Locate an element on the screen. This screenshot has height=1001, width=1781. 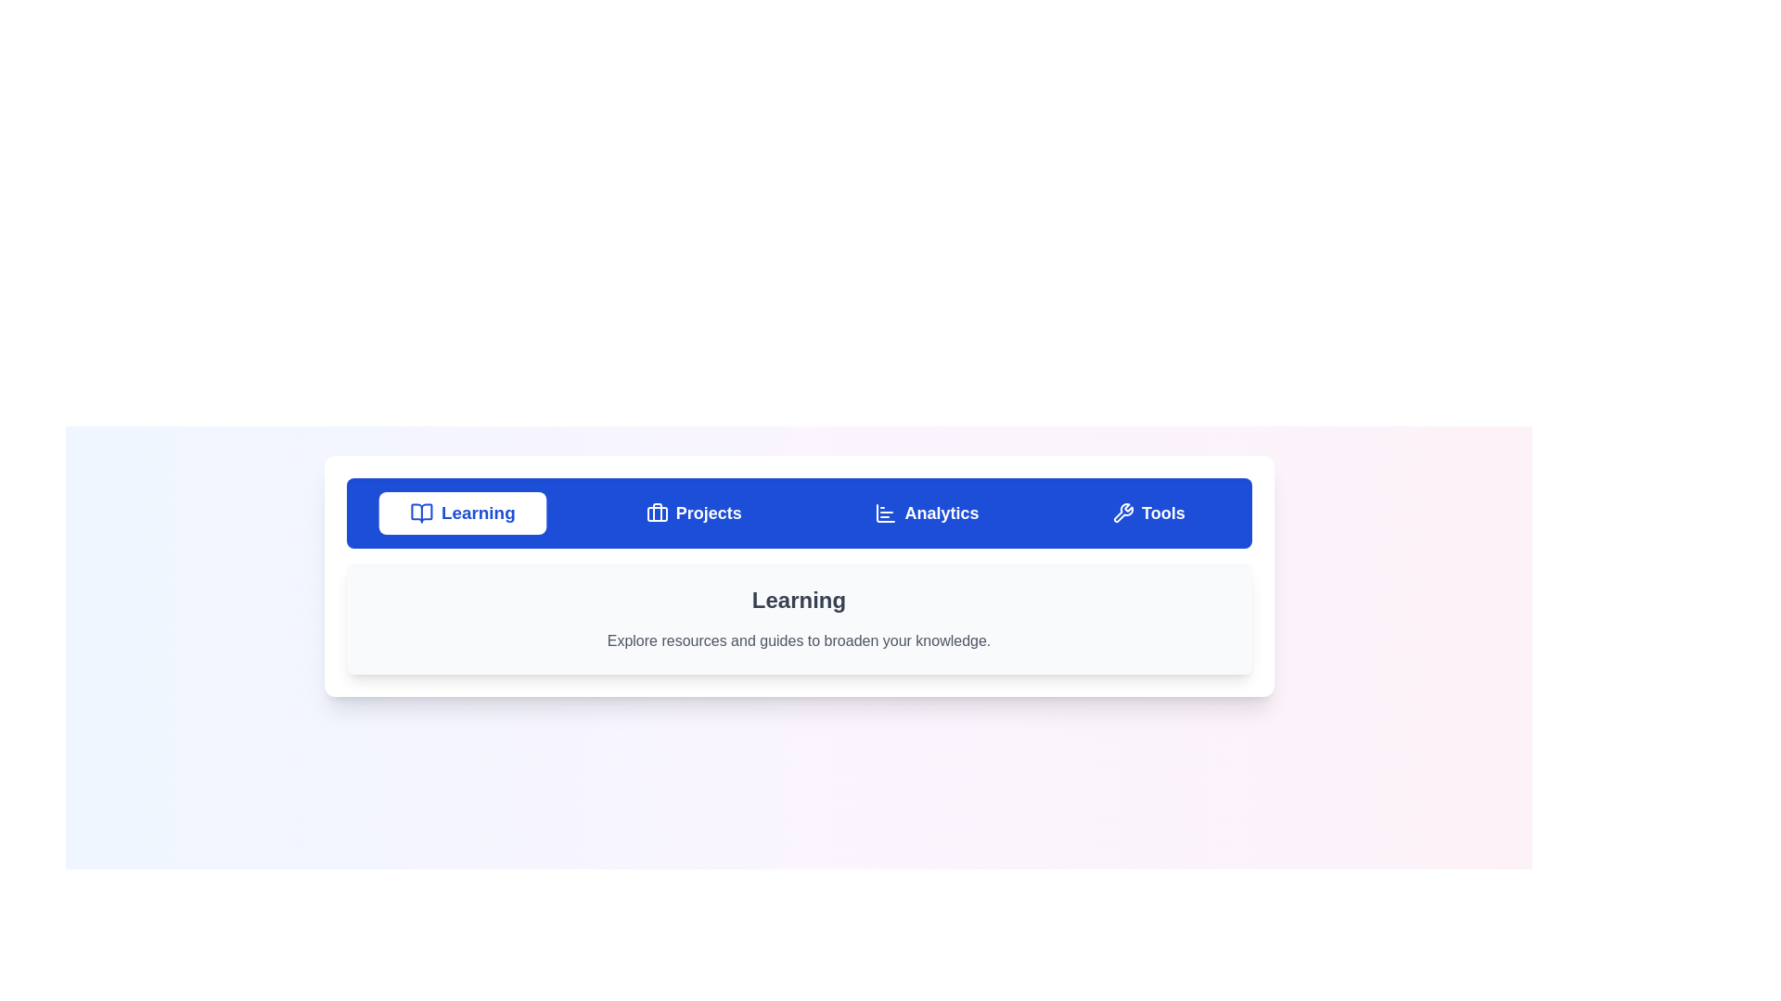
the blue open book icon located to the left of the 'Learning' text within the pill-shaped button is located at coordinates (421, 513).